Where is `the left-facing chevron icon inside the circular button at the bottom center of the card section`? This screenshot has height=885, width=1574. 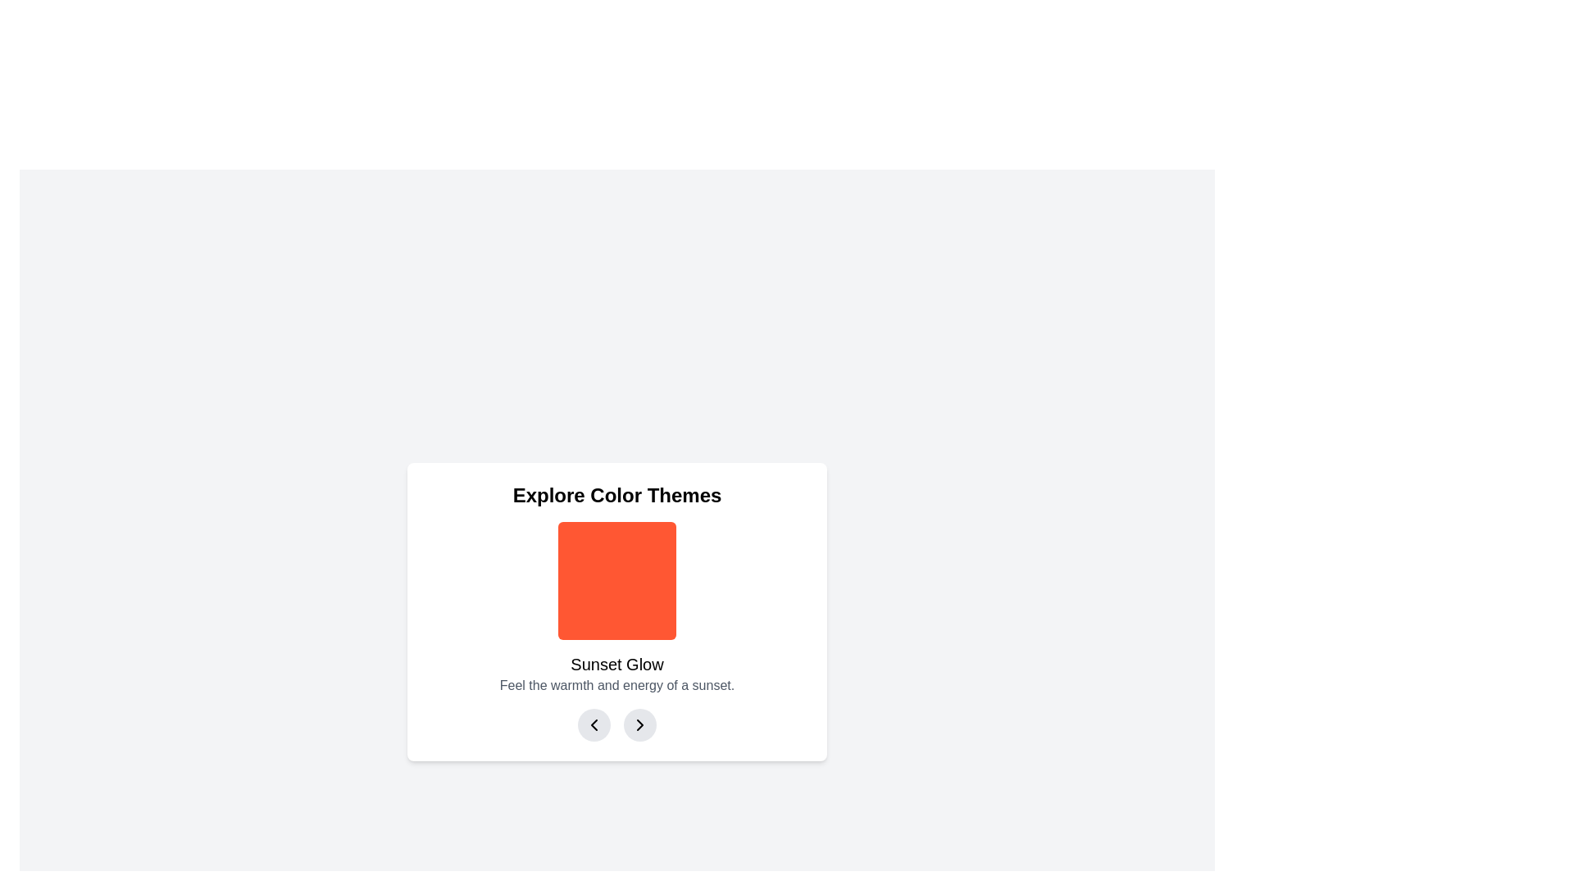 the left-facing chevron icon inside the circular button at the bottom center of the card section is located at coordinates (593, 724).